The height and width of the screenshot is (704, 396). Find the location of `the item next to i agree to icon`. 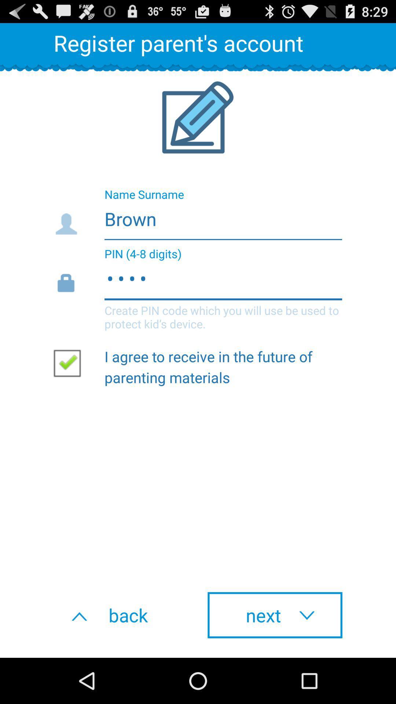

the item next to i agree to icon is located at coordinates (70, 363).